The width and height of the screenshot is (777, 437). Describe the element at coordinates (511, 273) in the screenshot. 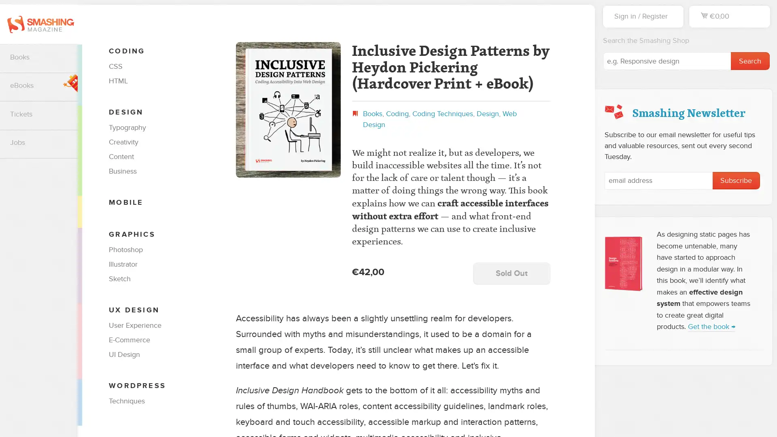

I see `Sold Out` at that location.